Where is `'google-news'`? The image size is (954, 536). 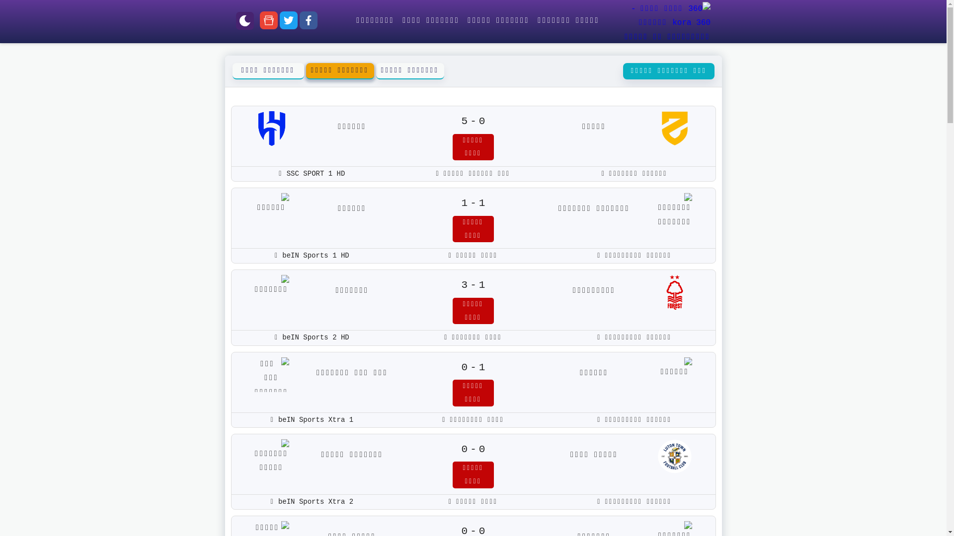 'google-news' is located at coordinates (269, 22).